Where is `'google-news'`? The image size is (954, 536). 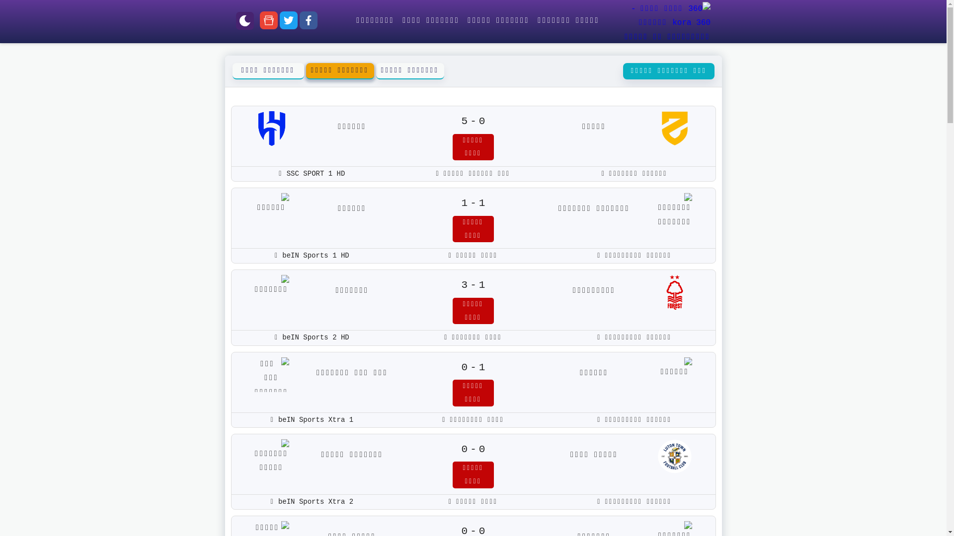 'google-news' is located at coordinates (269, 22).